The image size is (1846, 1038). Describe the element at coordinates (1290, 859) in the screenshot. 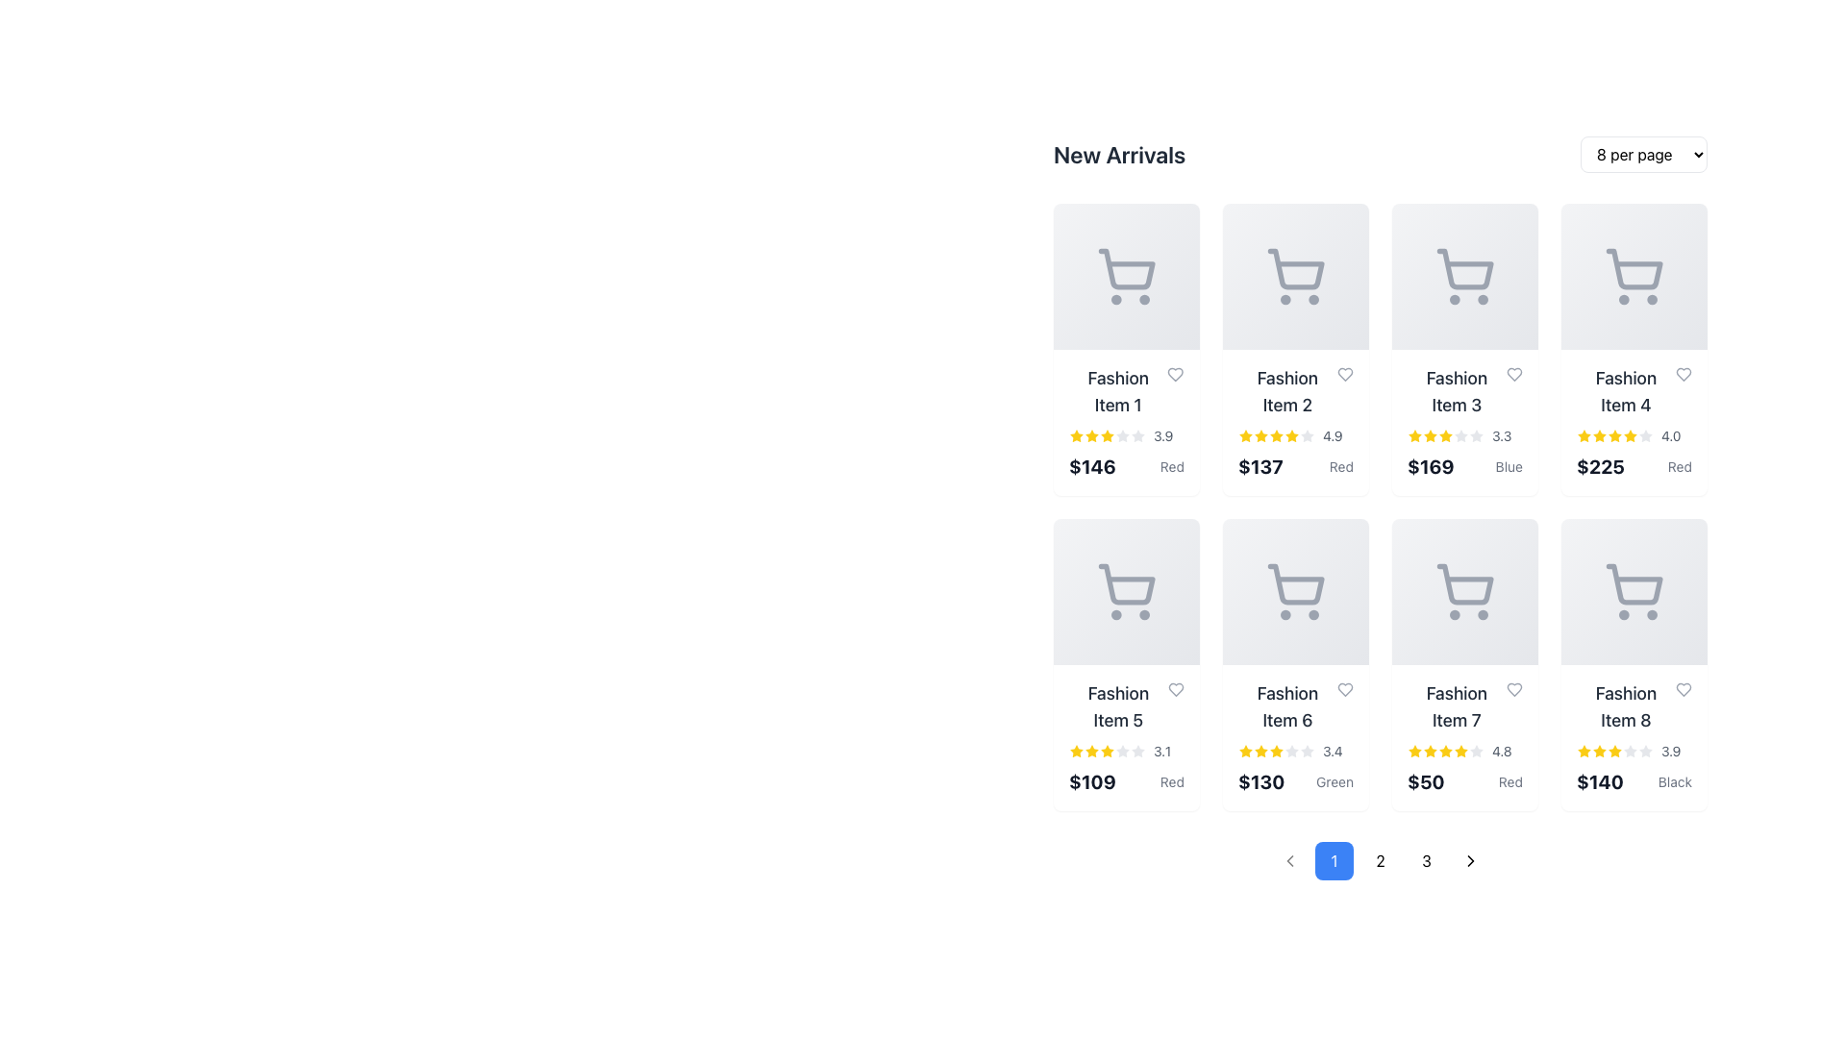

I see `the left-pointing chevron arrow icon located at the bottom-left section of the interface` at that location.